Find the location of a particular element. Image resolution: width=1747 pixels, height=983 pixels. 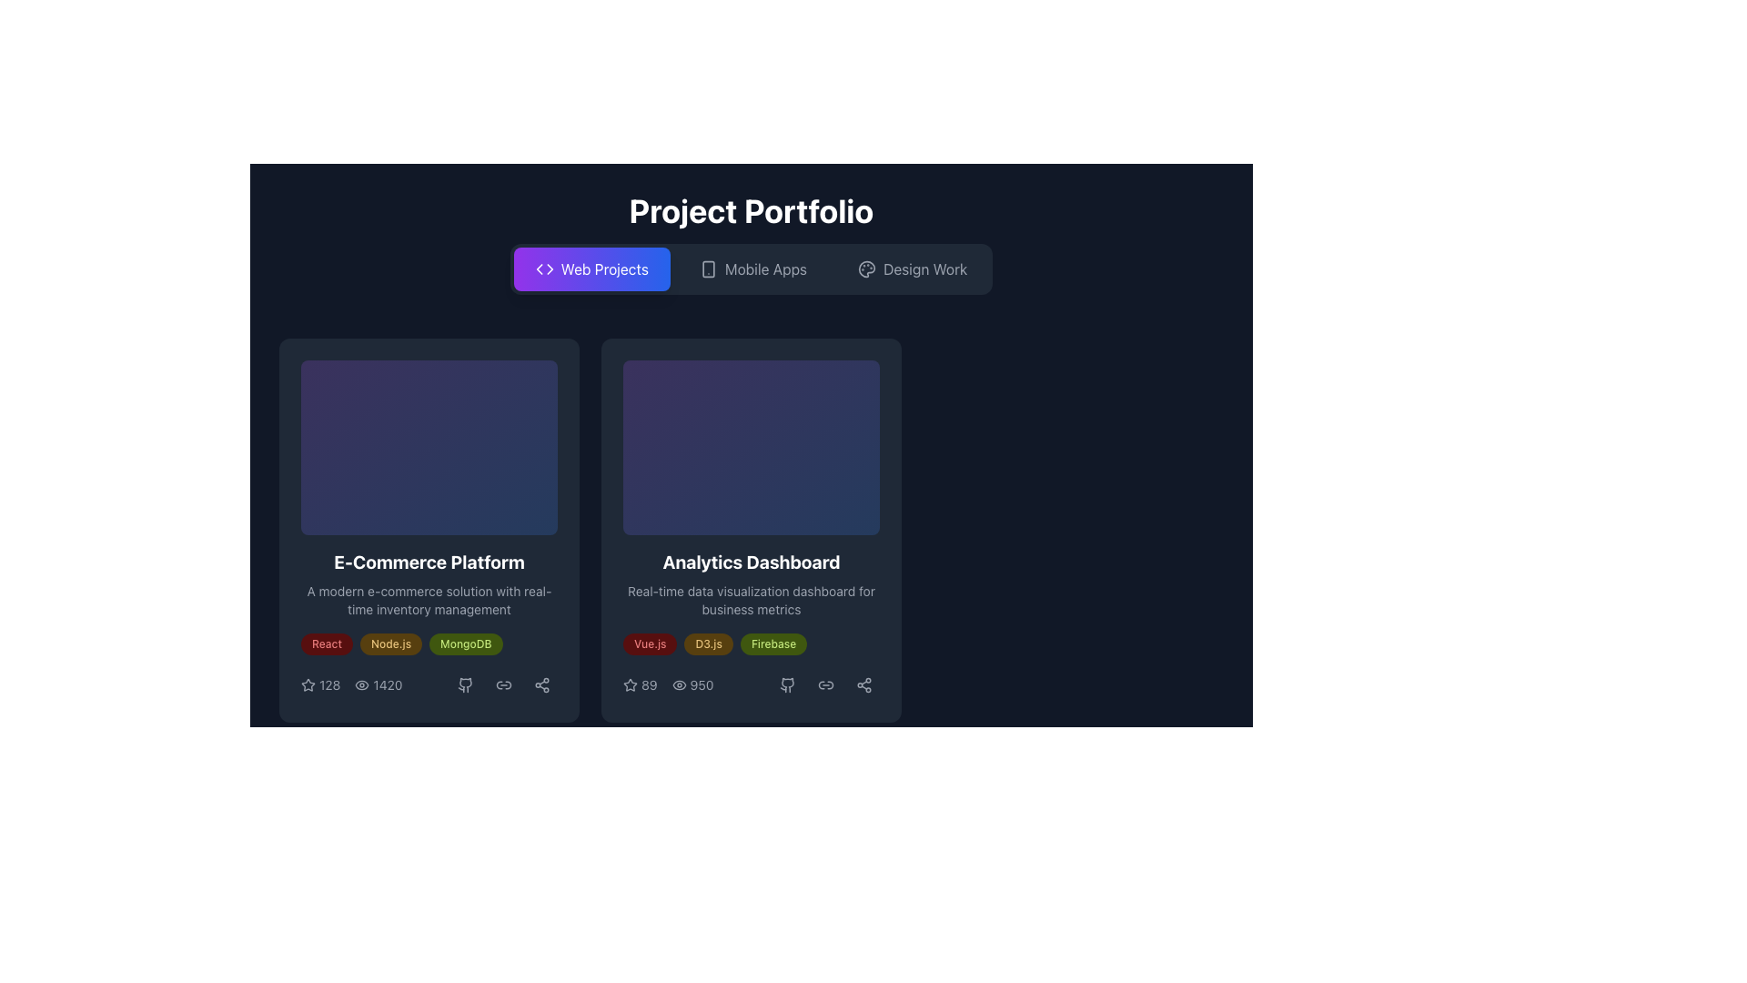

the left-facing arrow icon in the toolbar, which indicates navigation or direction is located at coordinates (538, 269).